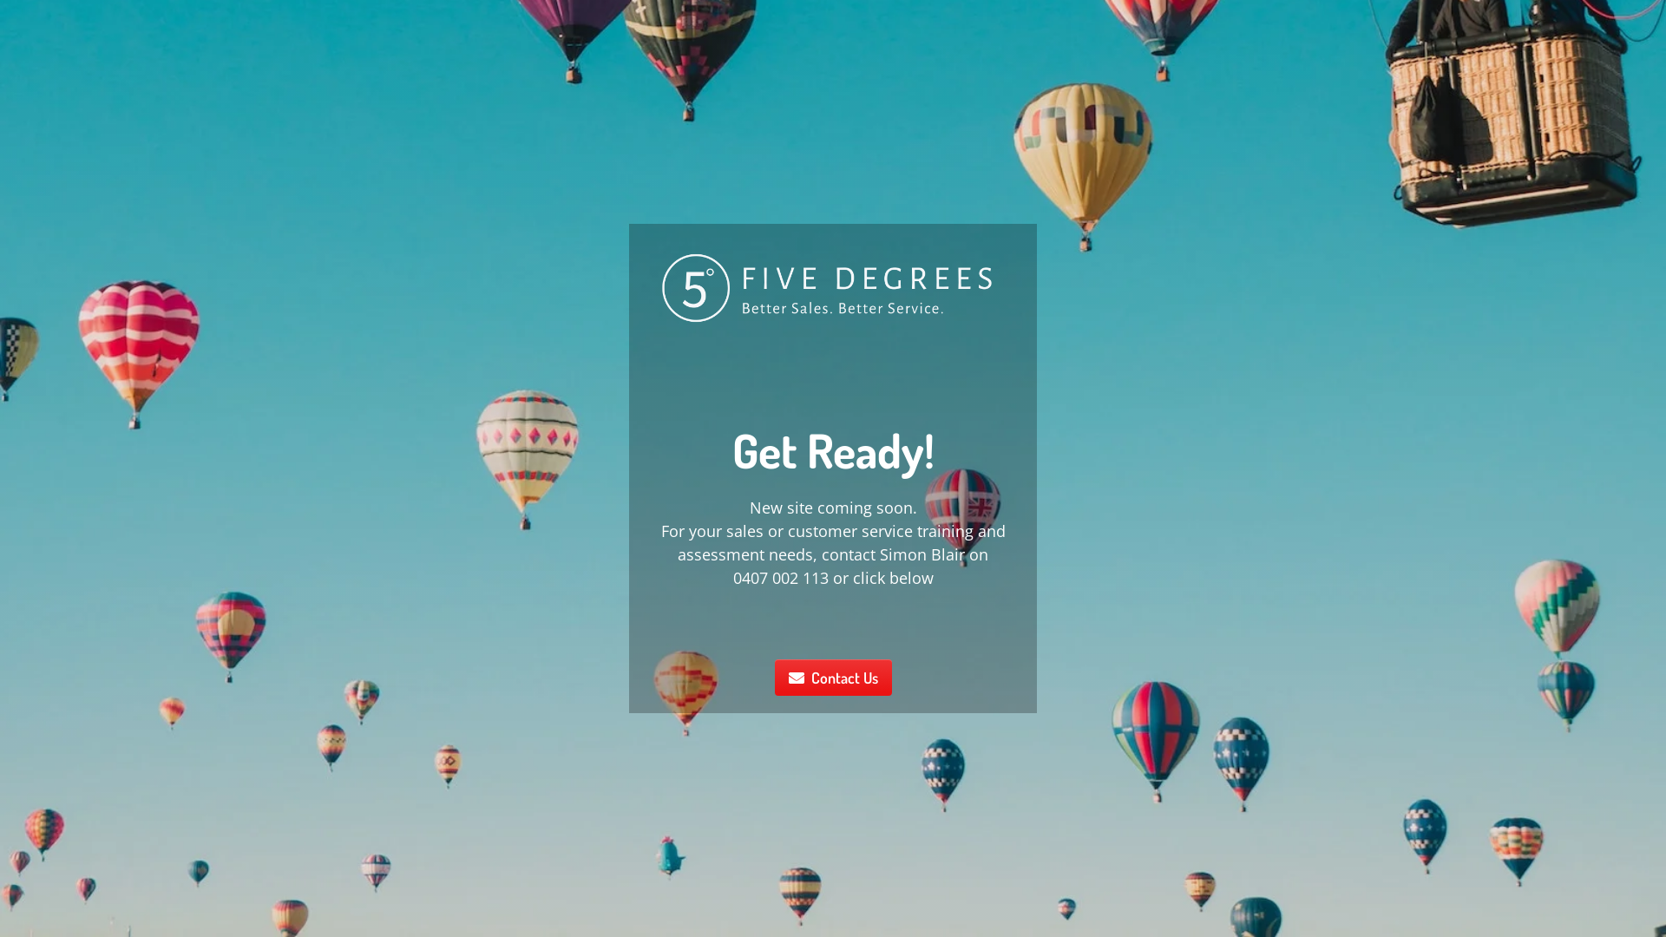 This screenshot has width=1666, height=937. Describe the element at coordinates (831, 676) in the screenshot. I see `'Contact Us'` at that location.